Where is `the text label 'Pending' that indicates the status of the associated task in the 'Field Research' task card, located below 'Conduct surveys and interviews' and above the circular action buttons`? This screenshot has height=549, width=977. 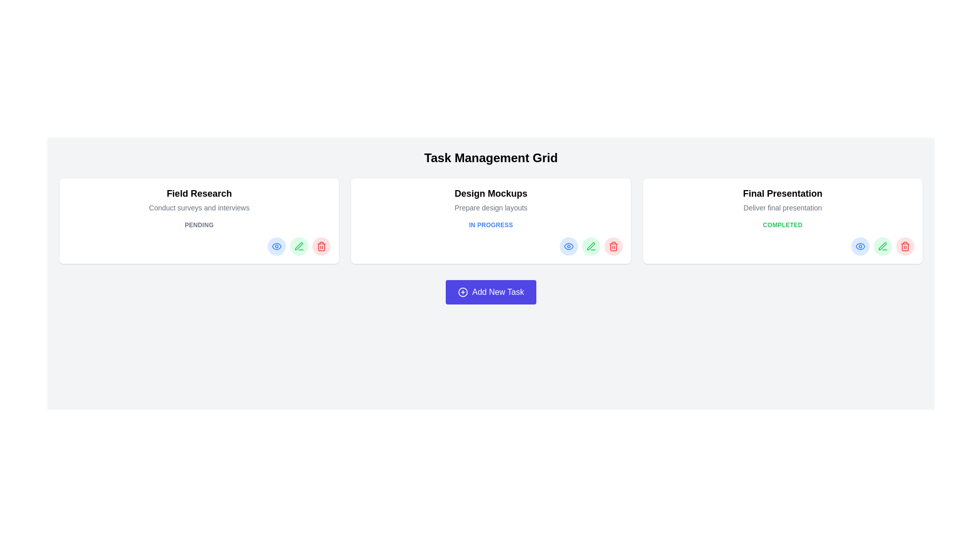
the text label 'Pending' that indicates the status of the associated task in the 'Field Research' task card, located below 'Conduct surveys and interviews' and above the circular action buttons is located at coordinates (199, 225).